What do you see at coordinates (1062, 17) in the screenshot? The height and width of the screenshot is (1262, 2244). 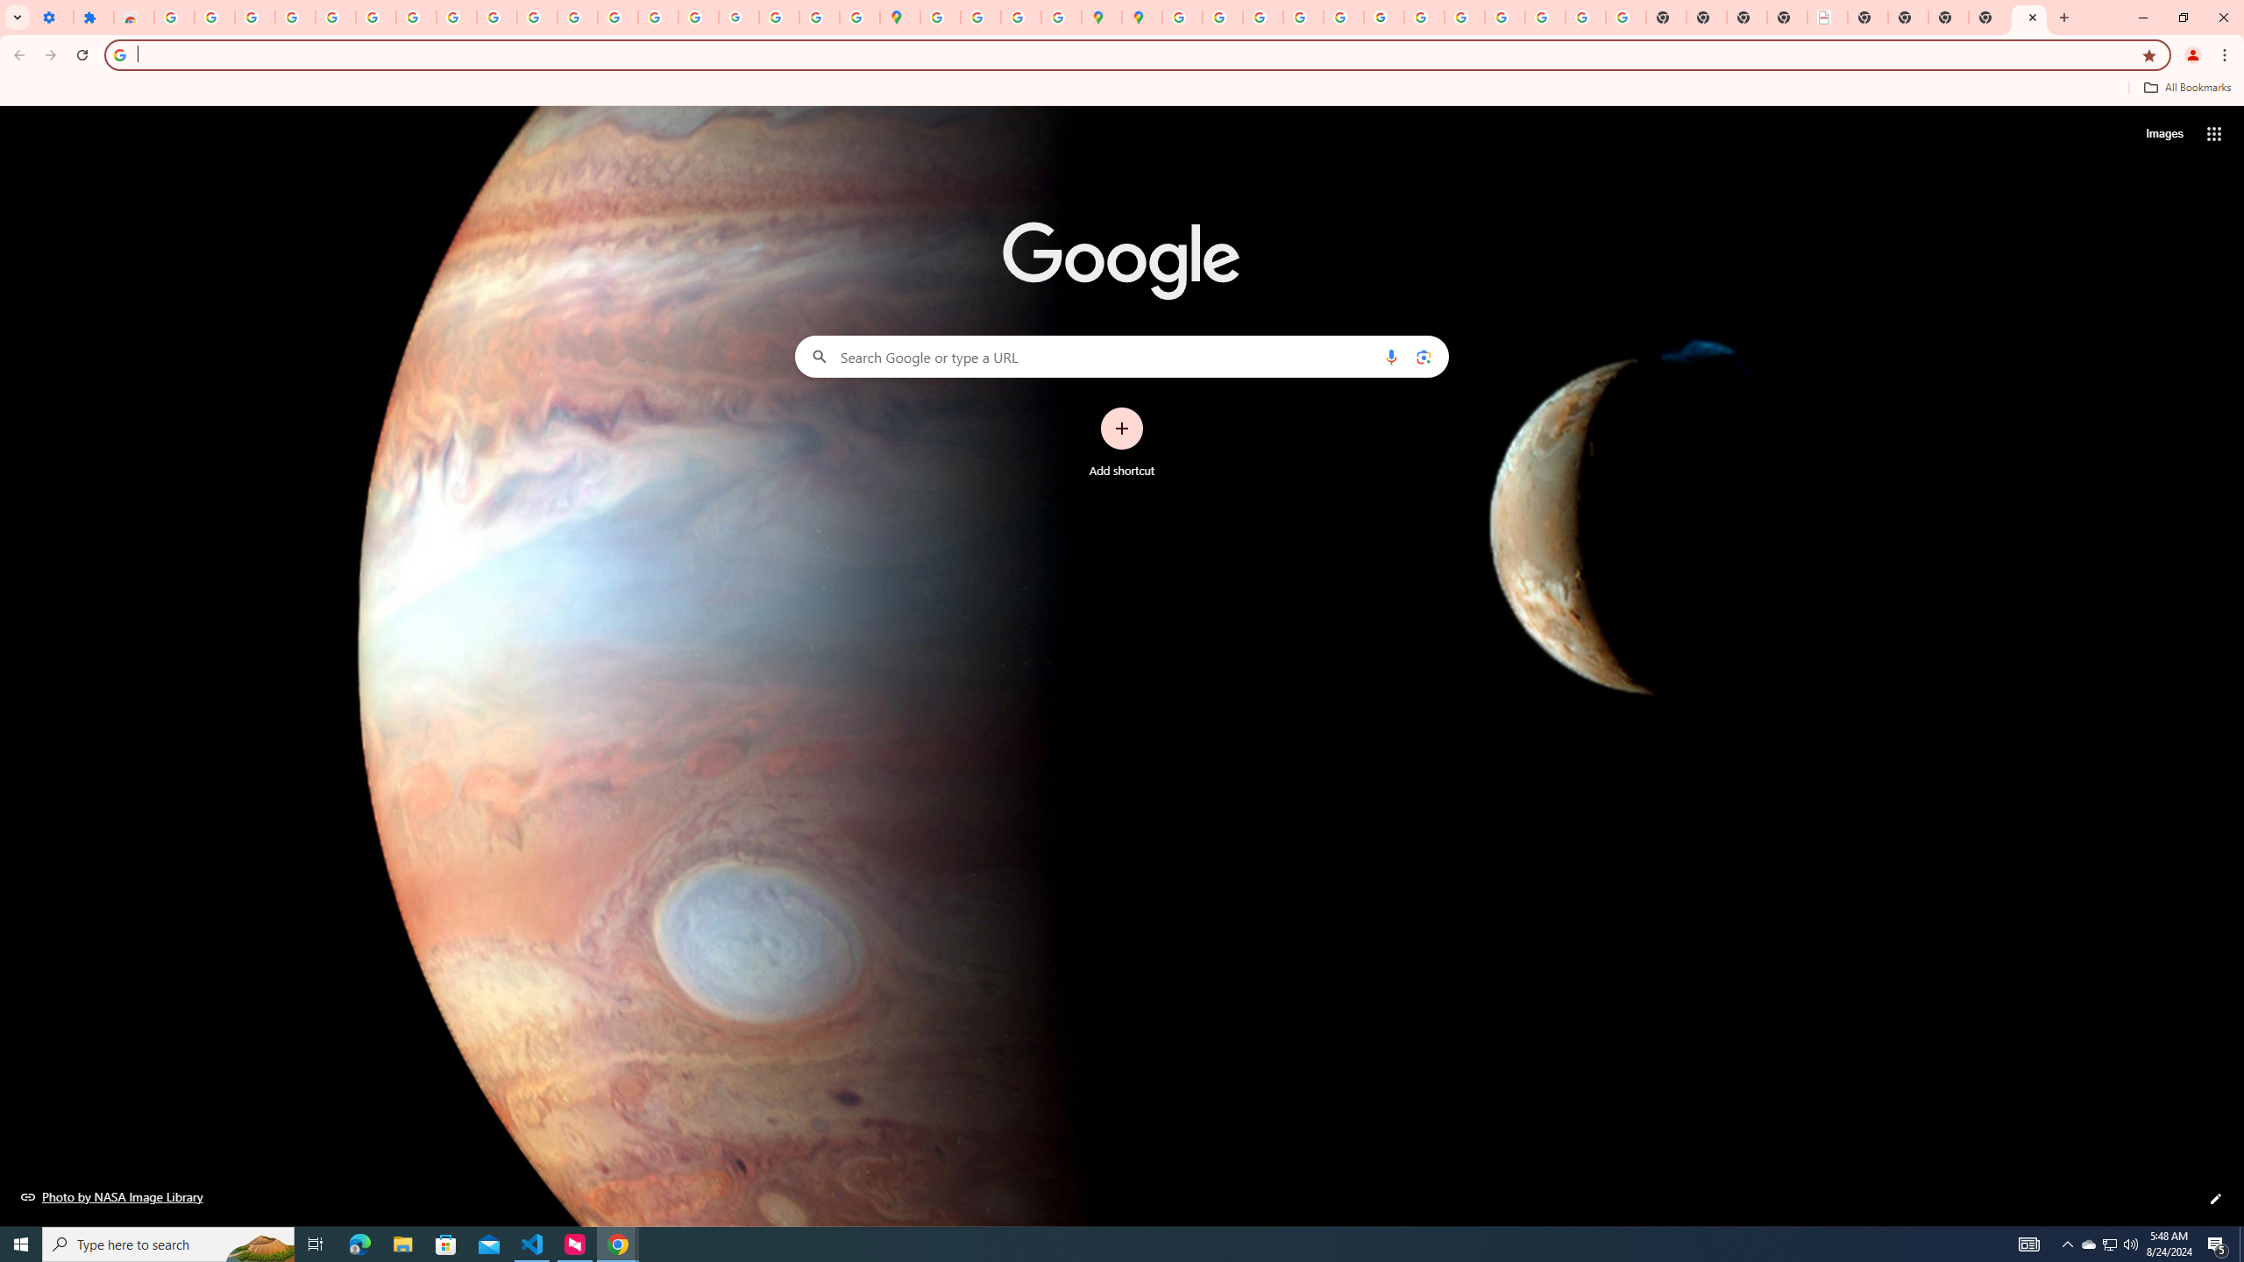 I see `'Safety in Our Products - Google Safety Center'` at bounding box center [1062, 17].